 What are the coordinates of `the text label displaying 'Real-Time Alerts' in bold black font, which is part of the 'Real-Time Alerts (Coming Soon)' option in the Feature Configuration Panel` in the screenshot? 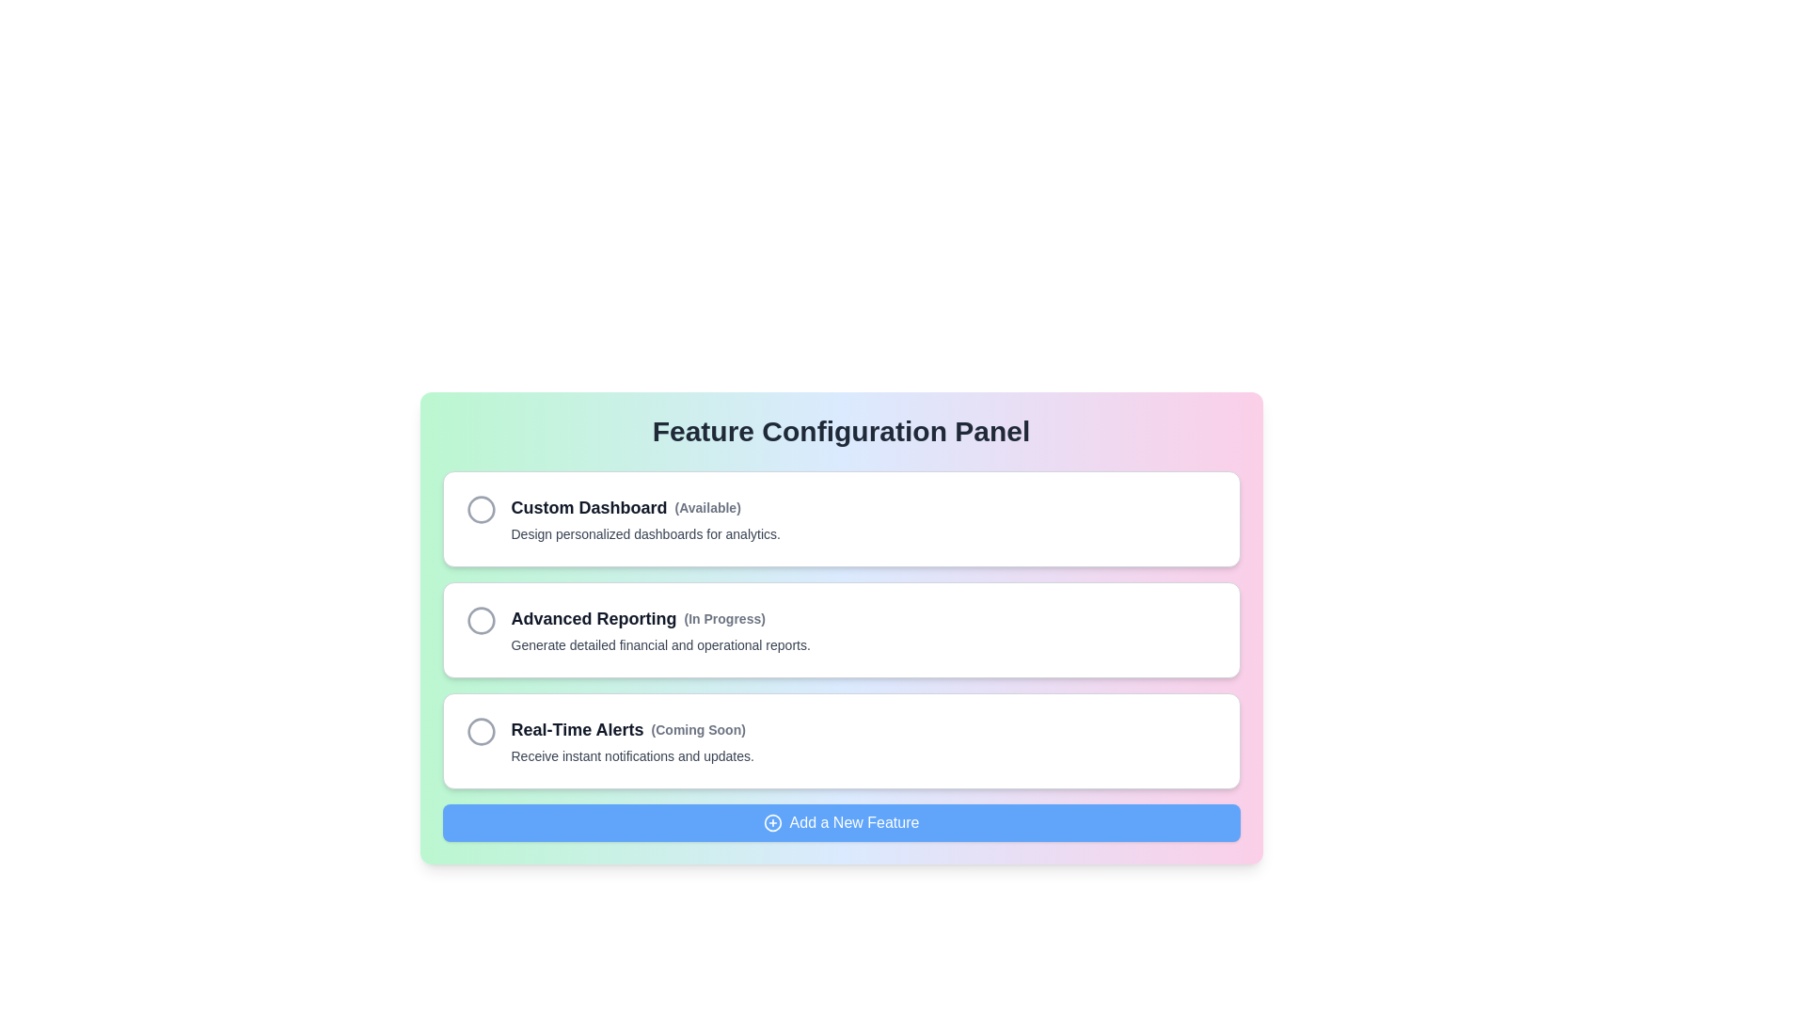 It's located at (577, 728).